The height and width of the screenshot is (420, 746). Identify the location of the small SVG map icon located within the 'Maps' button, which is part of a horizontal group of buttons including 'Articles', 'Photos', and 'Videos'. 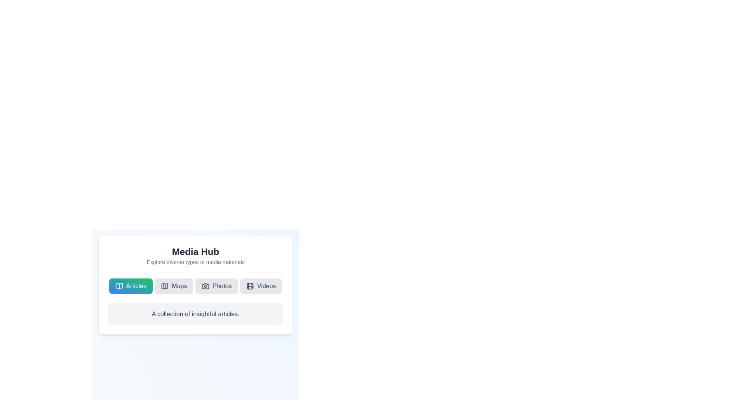
(164, 286).